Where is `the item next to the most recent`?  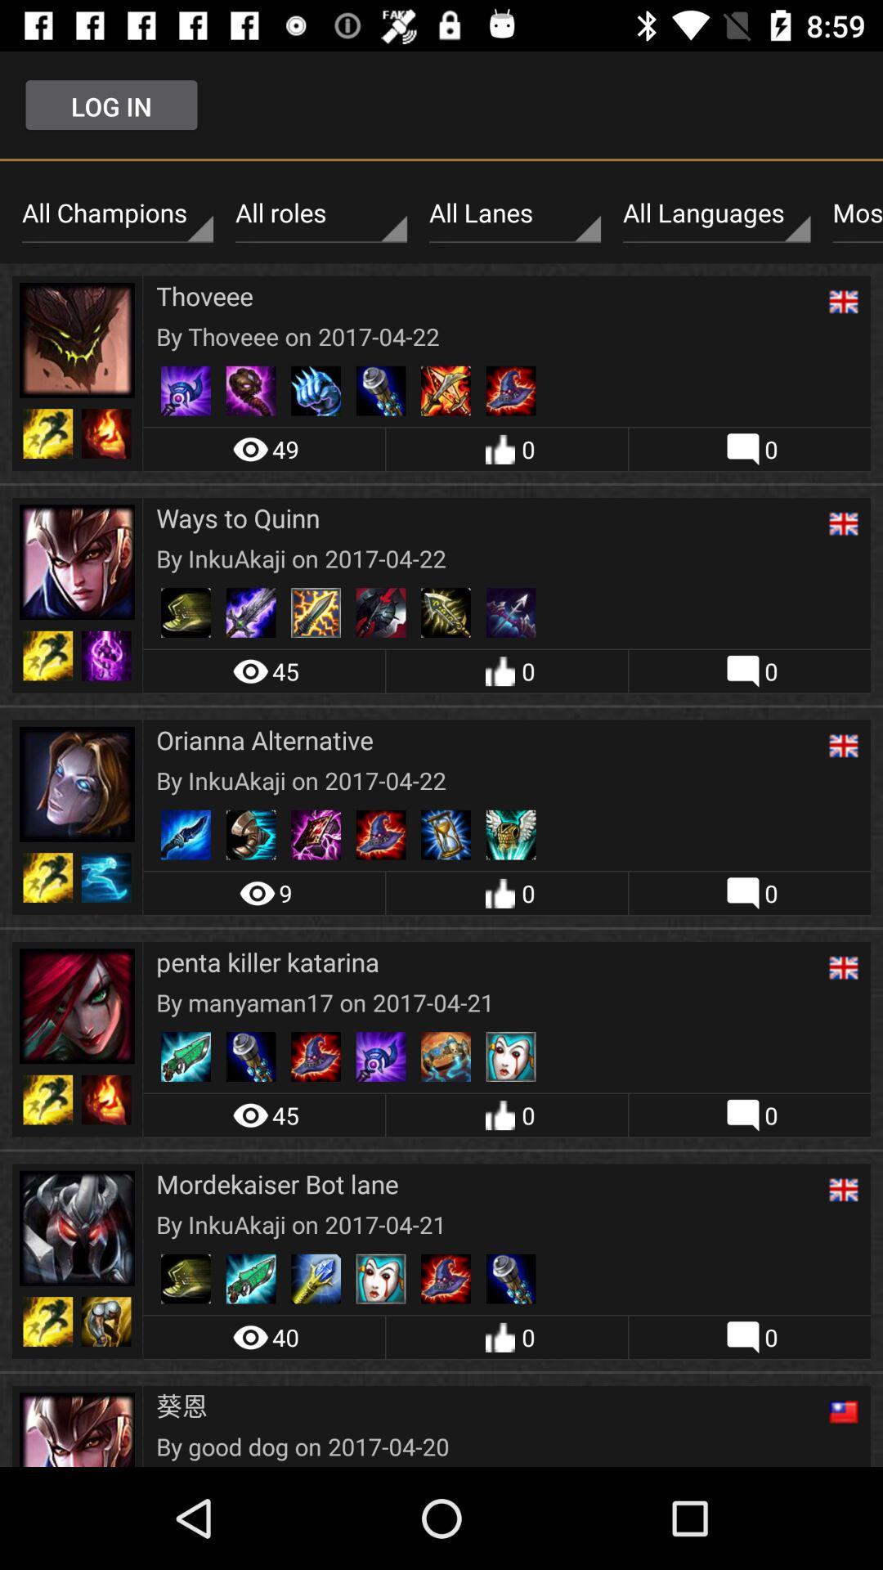
the item next to the most recent is located at coordinates (715, 213).